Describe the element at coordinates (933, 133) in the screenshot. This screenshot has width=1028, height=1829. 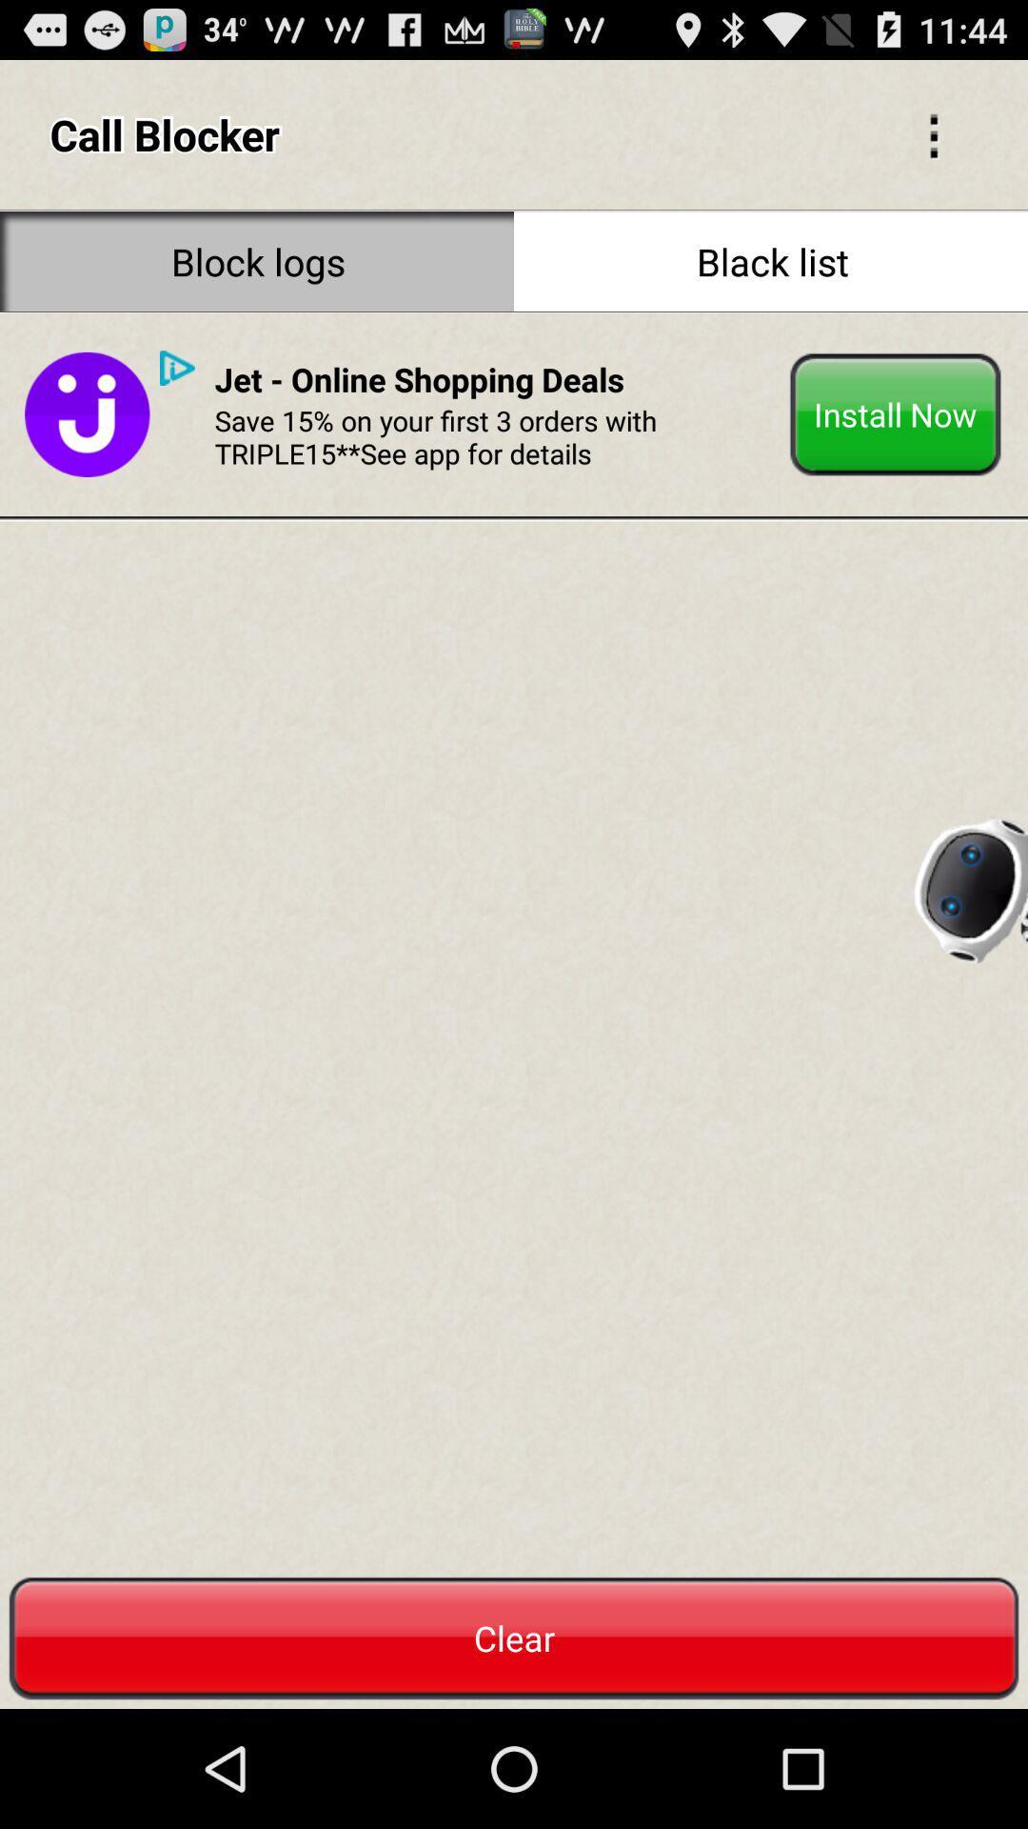
I see `the button call blocker` at that location.